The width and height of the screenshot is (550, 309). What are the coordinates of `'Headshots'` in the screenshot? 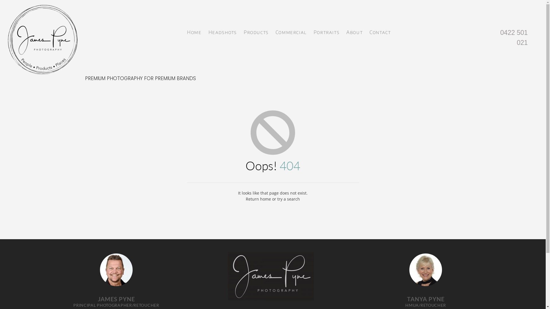 It's located at (207, 31).